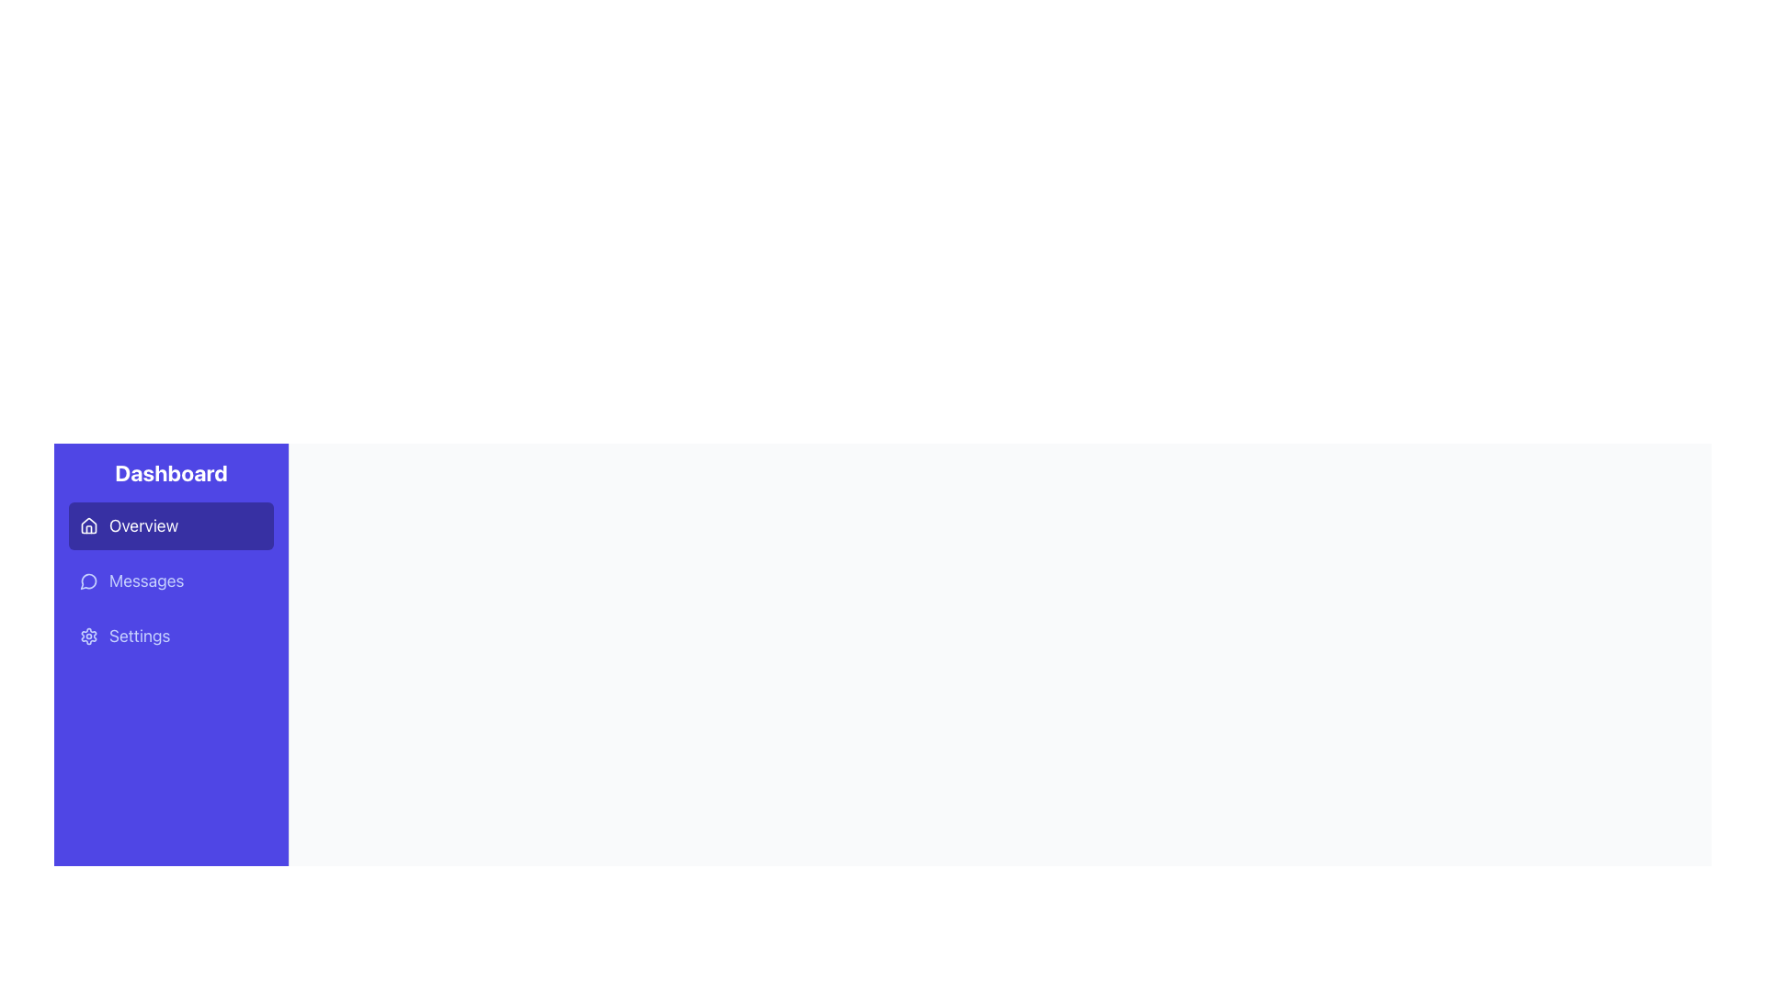 This screenshot has width=1765, height=992. I want to click on the house icon located within the 'Overview' button in the vertical navigation panel, so click(87, 526).